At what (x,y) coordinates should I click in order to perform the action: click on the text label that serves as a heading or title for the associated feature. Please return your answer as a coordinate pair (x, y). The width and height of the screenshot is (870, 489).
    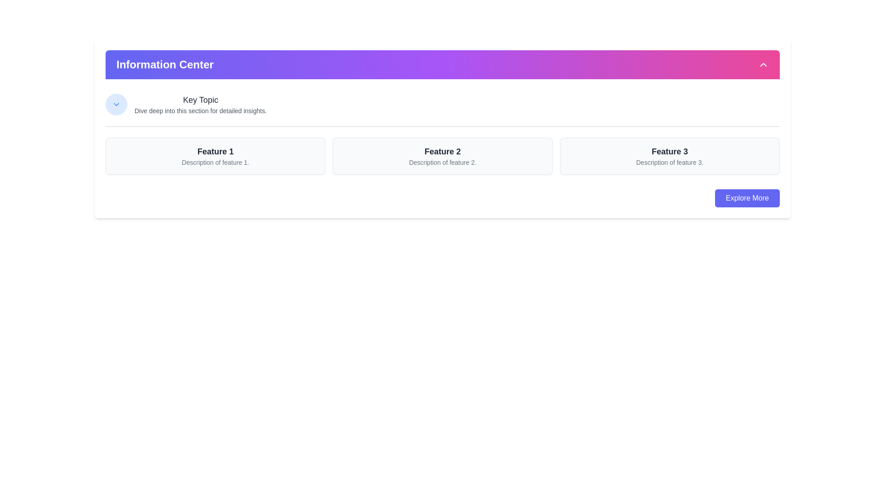
    Looking at the image, I should click on (442, 151).